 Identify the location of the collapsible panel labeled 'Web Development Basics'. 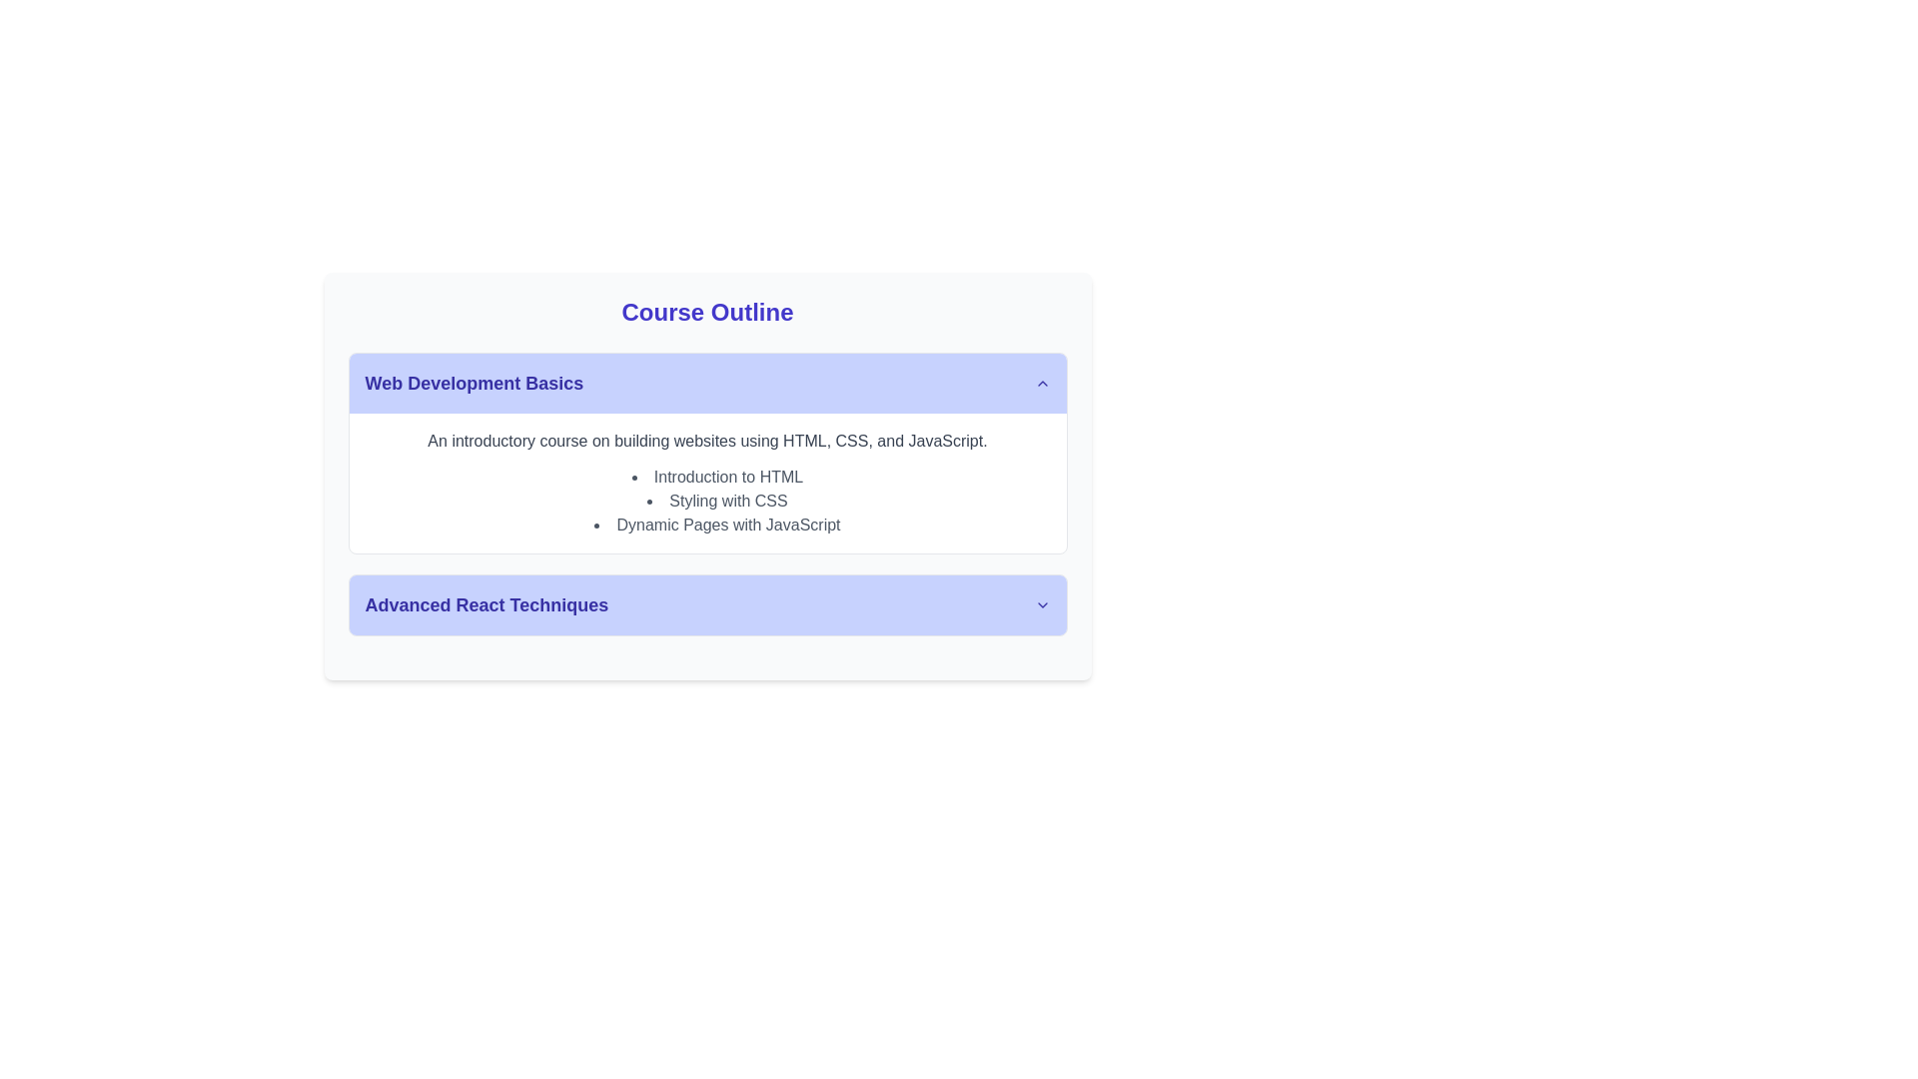
(707, 494).